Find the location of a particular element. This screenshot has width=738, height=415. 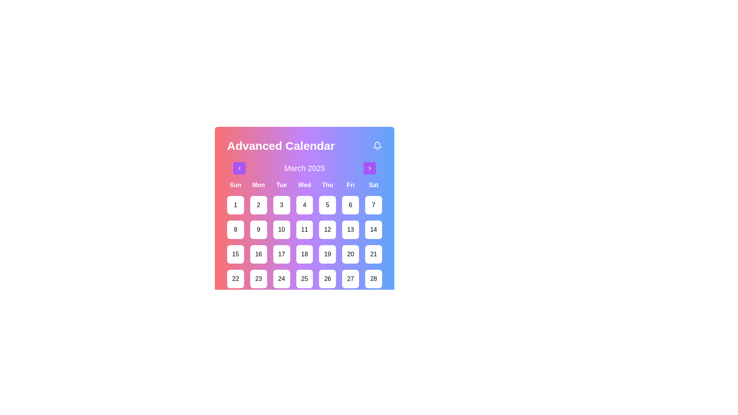

the calendar date button representing the number '11' located in the fourth row and fourth column under the header 'Wed' is located at coordinates (304, 229).